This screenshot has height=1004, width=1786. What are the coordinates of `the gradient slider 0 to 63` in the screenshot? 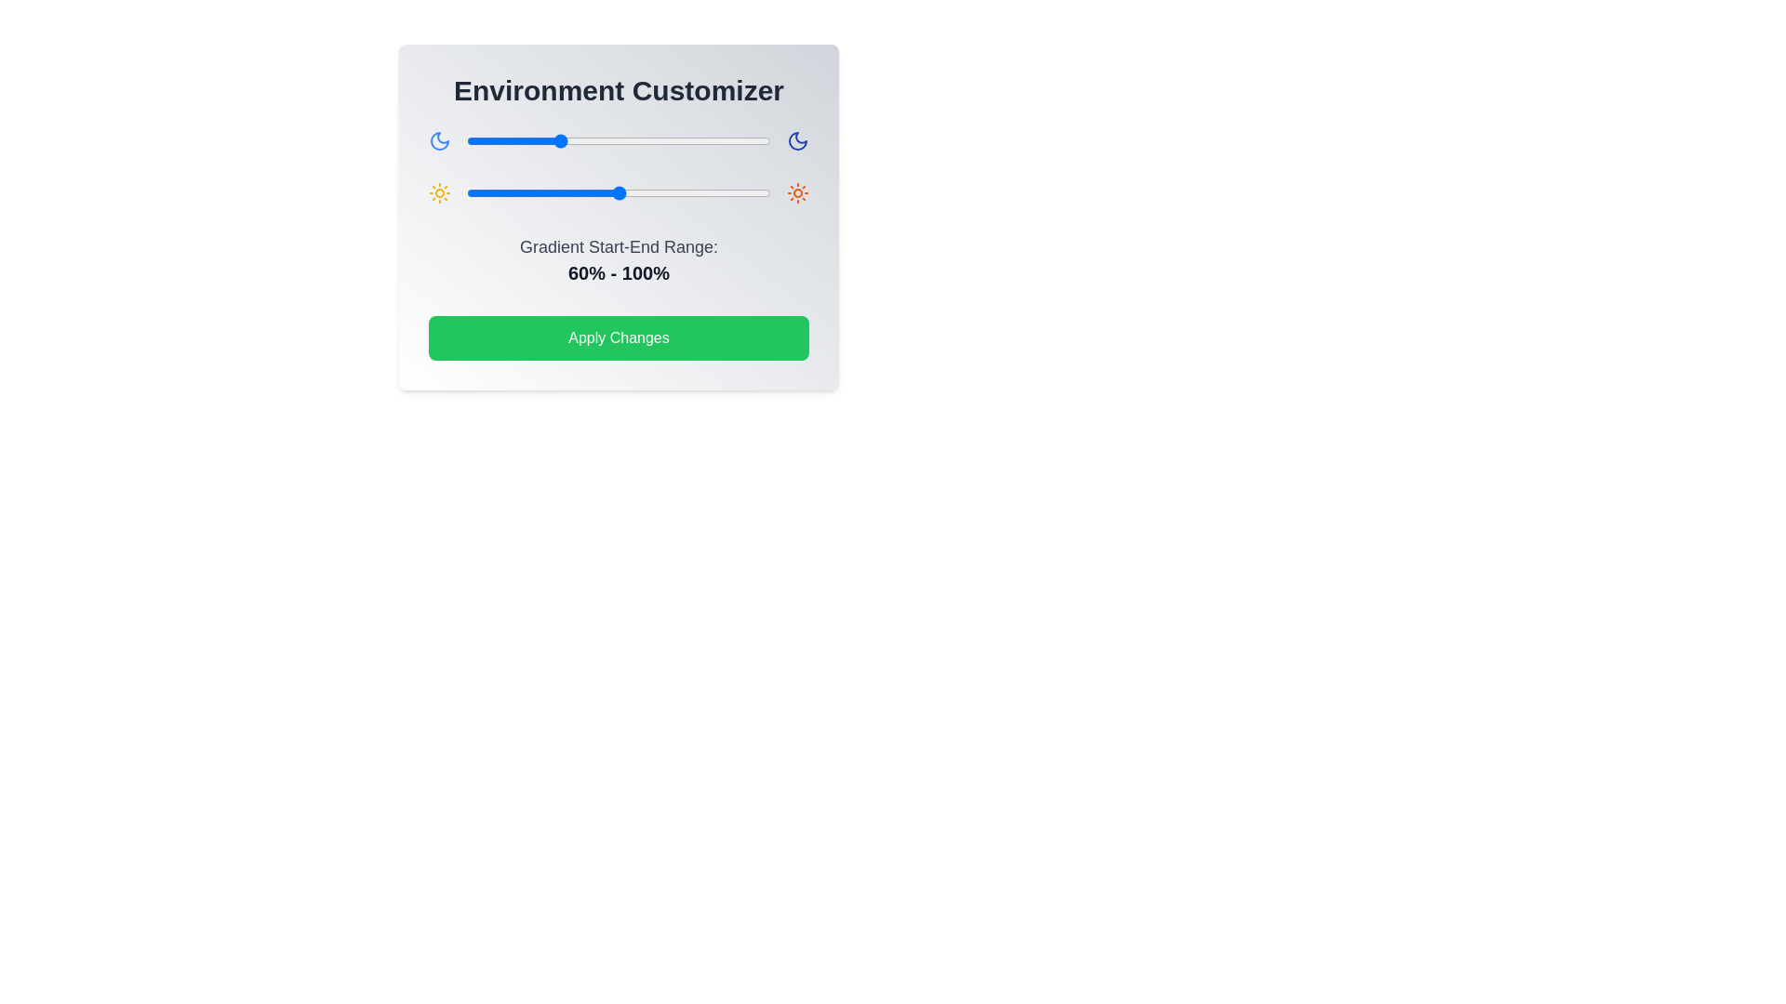 It's located at (561, 139).